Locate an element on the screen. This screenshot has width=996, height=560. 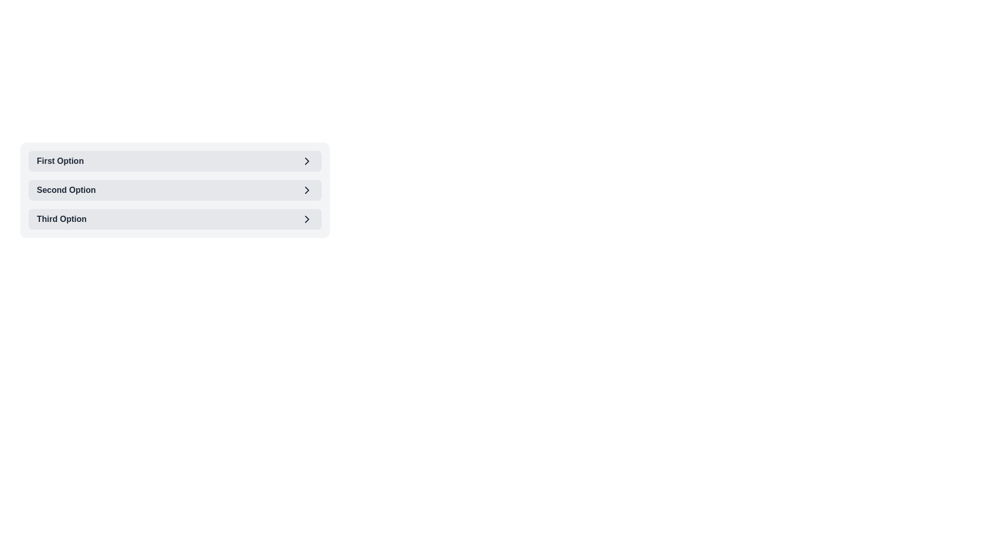
the right-facing chevron icon with a dark stroke in the 'Second Option' block is located at coordinates (306, 190).